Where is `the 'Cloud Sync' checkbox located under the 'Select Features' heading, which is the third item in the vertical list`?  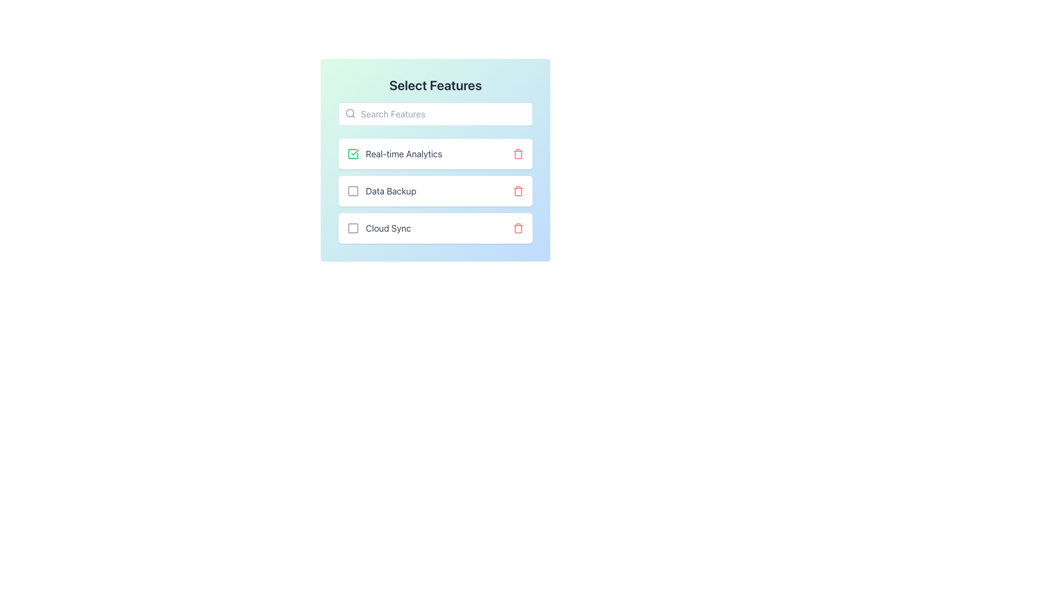 the 'Cloud Sync' checkbox located under the 'Select Features' heading, which is the third item in the vertical list is located at coordinates (379, 227).